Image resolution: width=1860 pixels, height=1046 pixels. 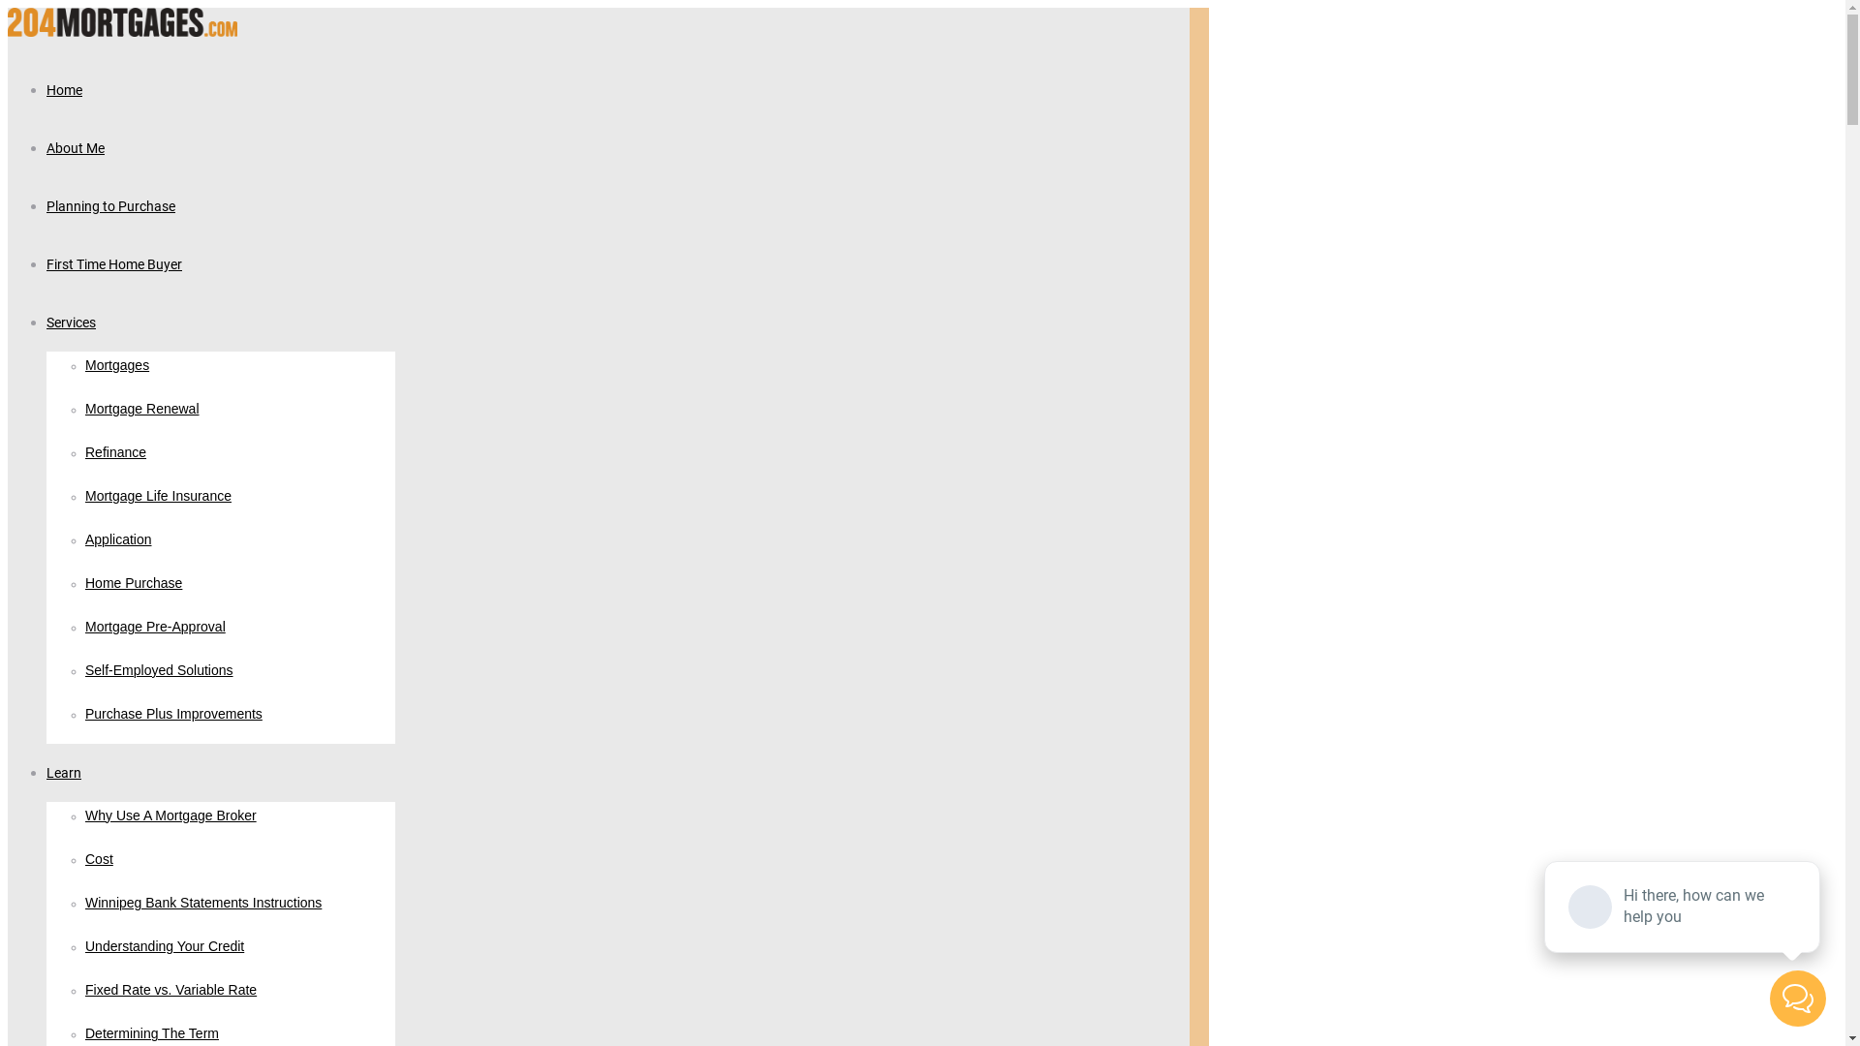 I want to click on 'Why Use A Mortgage Broker', so click(x=83, y=816).